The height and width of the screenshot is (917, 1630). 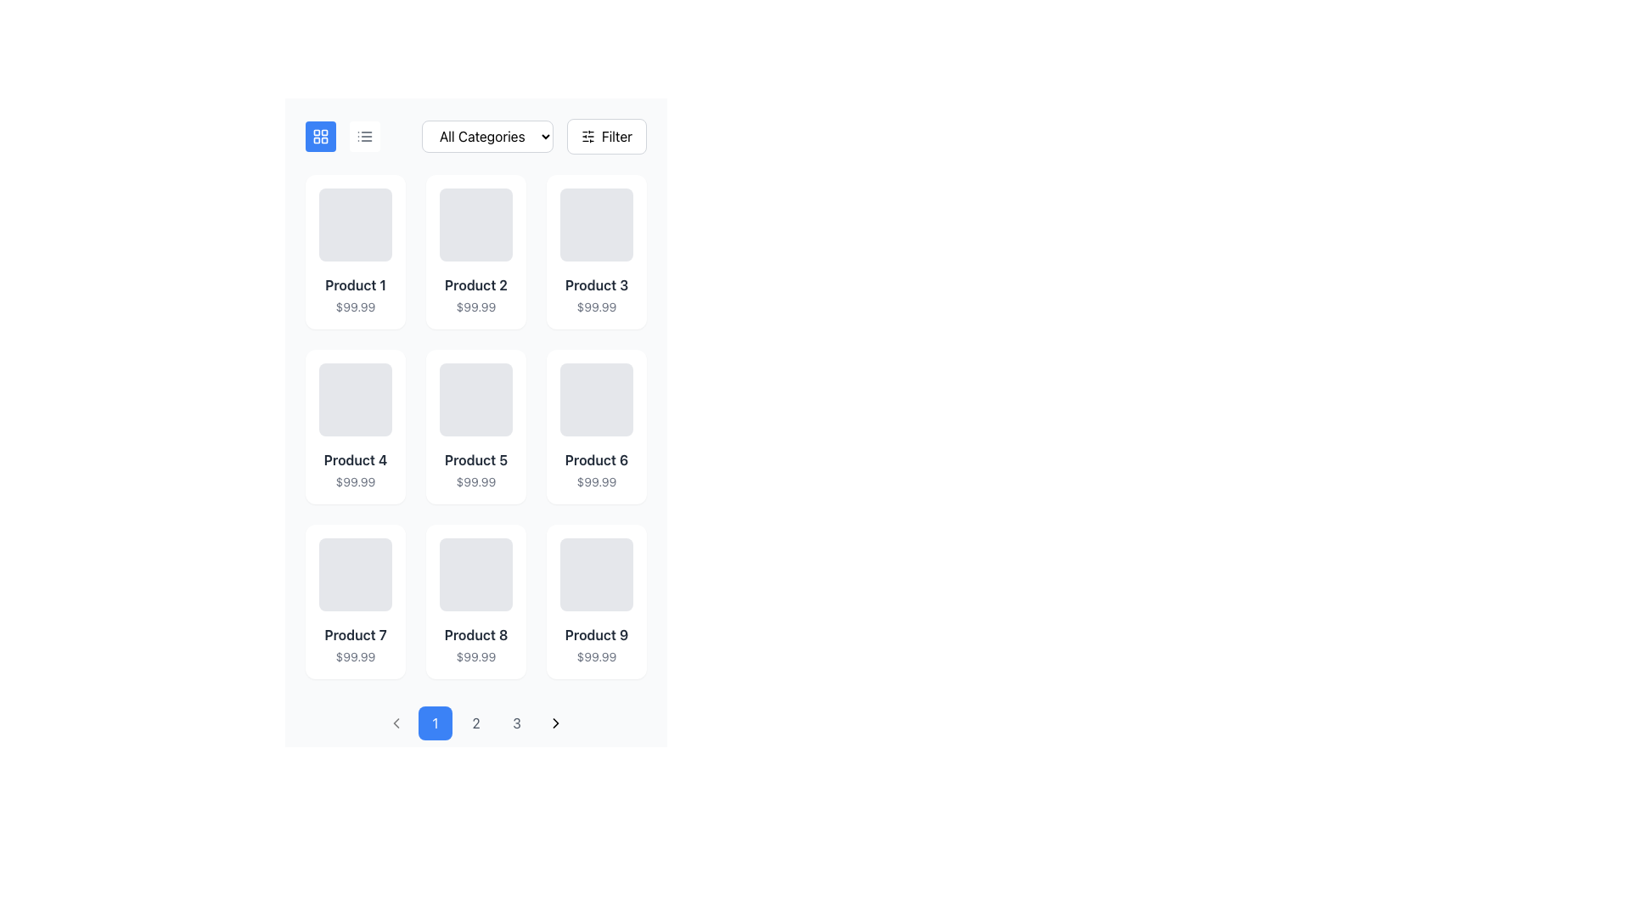 What do you see at coordinates (354, 307) in the screenshot?
I see `the text label displaying the price '$99.99', which is located beneath the title 'Product 1' in the first column and first row of the grid` at bounding box center [354, 307].